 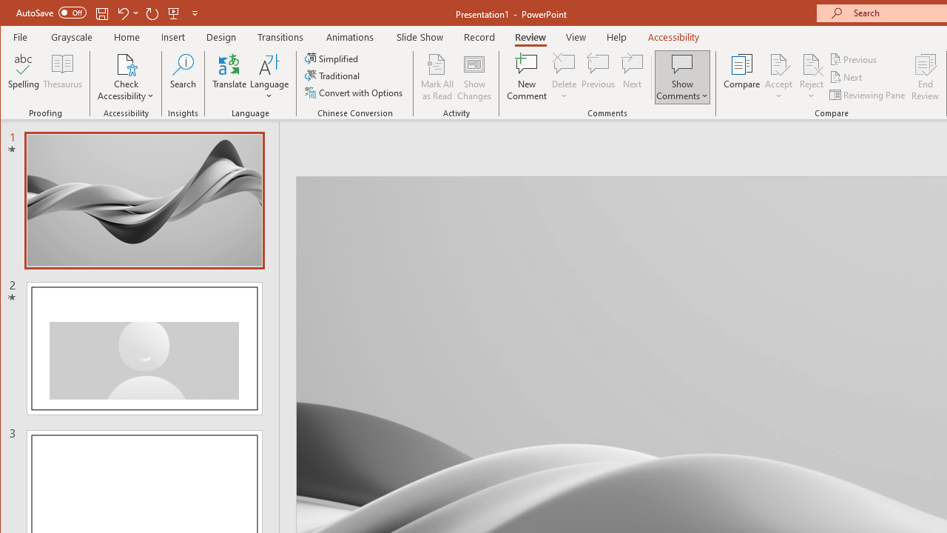 I want to click on 'Undo', so click(x=127, y=13).